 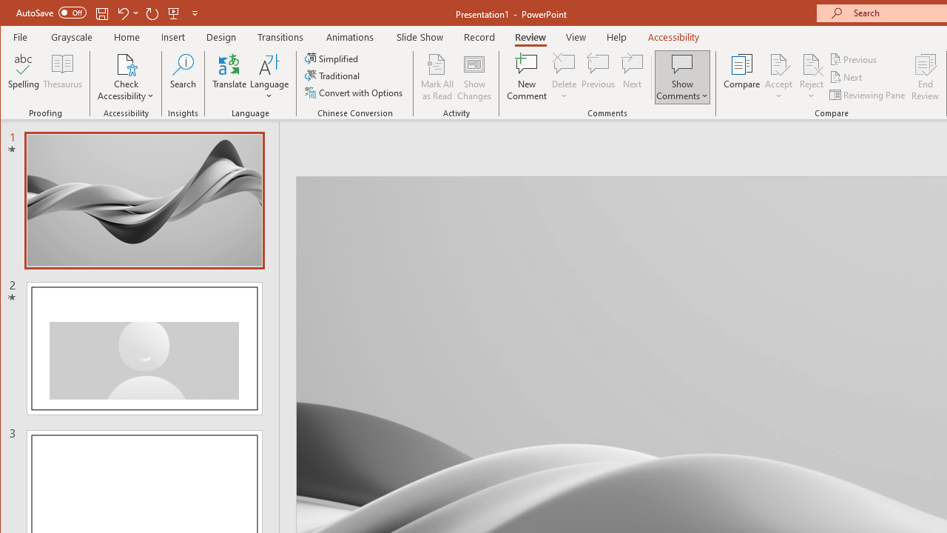 I want to click on 'Undo', so click(x=127, y=13).